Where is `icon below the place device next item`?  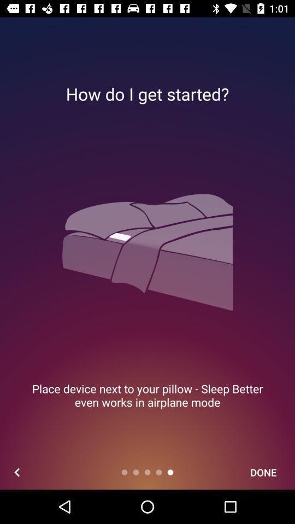 icon below the place device next item is located at coordinates (16, 472).